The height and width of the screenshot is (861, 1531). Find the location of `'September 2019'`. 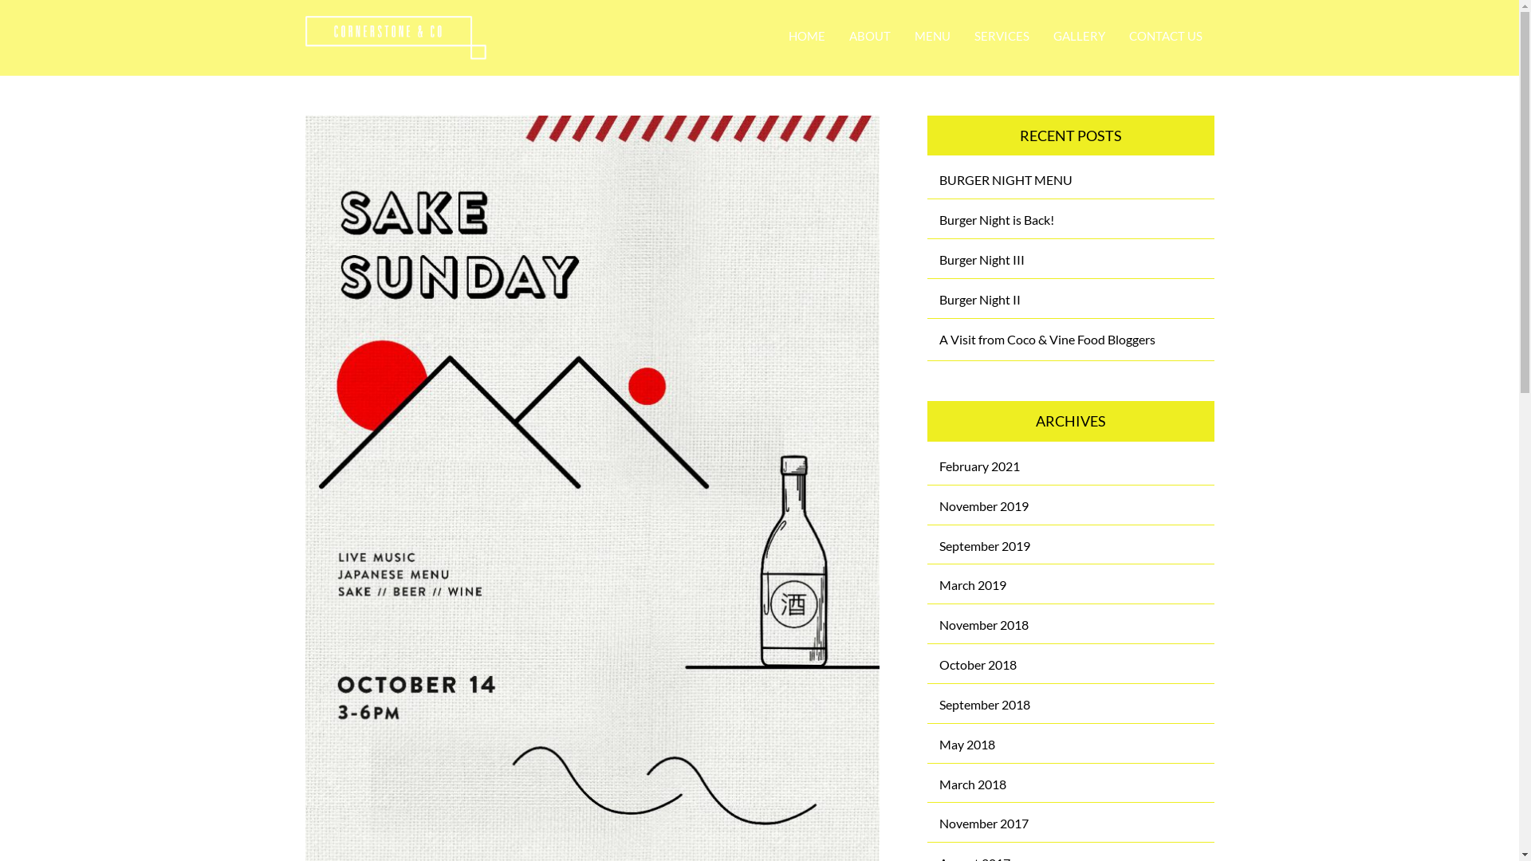

'September 2019' is located at coordinates (983, 545).